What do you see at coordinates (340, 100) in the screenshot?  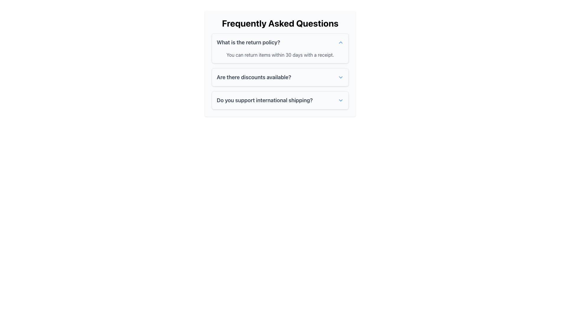 I see `the downward-facing blue chevron icon next to the question 'Do you support international shipping?'` at bounding box center [340, 100].